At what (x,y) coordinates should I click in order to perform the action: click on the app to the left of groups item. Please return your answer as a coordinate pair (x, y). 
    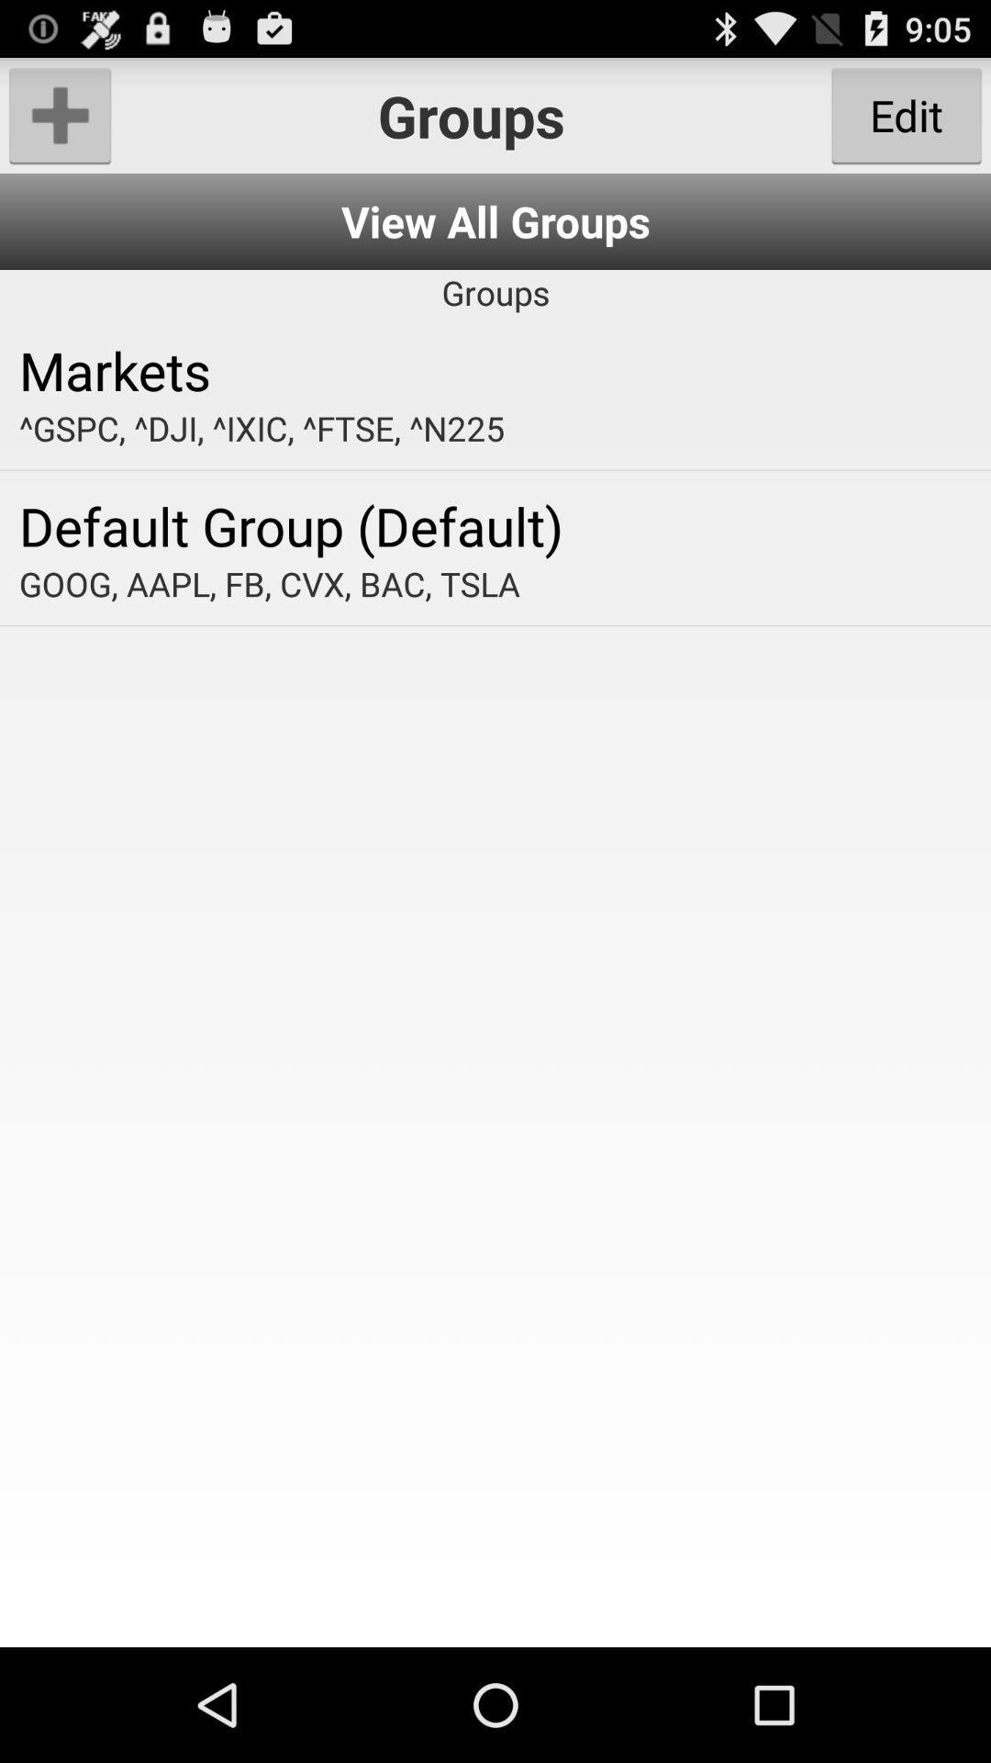
    Looking at the image, I should click on (59, 114).